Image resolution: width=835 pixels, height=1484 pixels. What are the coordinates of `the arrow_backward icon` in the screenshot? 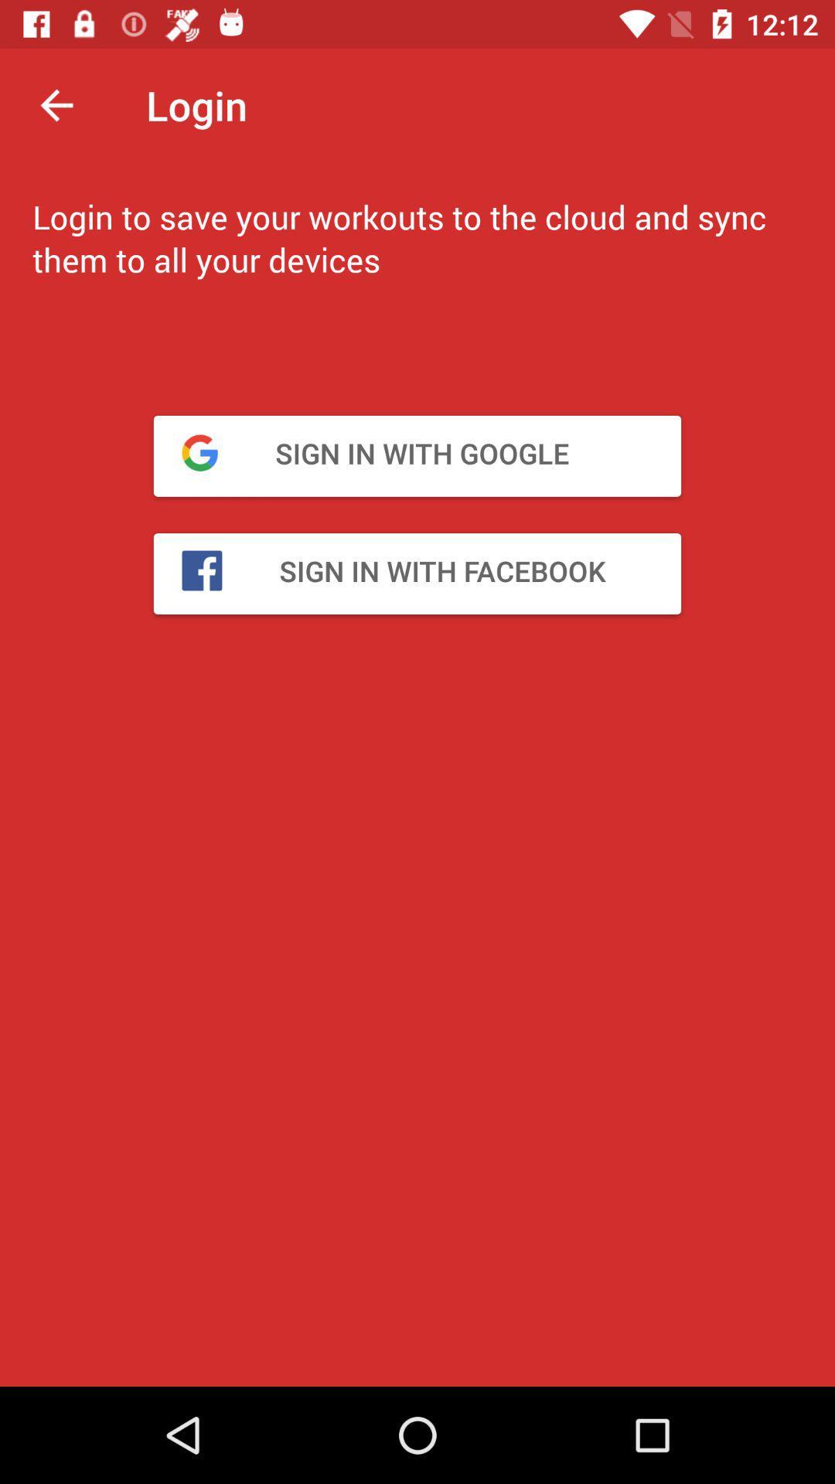 It's located at (56, 104).